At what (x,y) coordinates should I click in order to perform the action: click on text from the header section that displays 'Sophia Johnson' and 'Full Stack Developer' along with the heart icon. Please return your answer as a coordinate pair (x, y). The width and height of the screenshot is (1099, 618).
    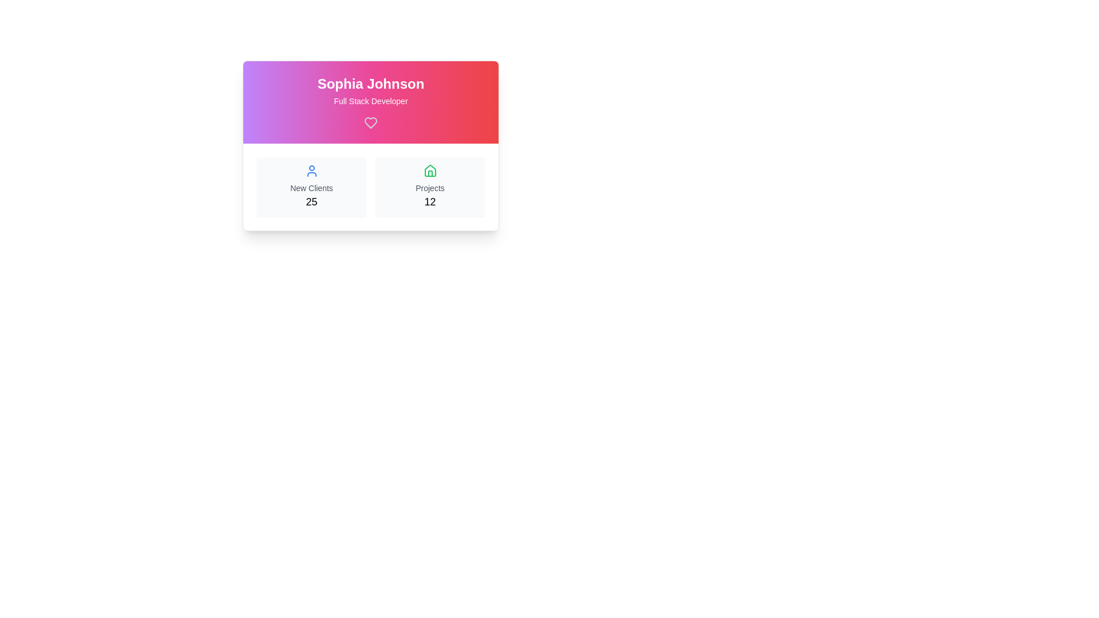
    Looking at the image, I should click on (371, 101).